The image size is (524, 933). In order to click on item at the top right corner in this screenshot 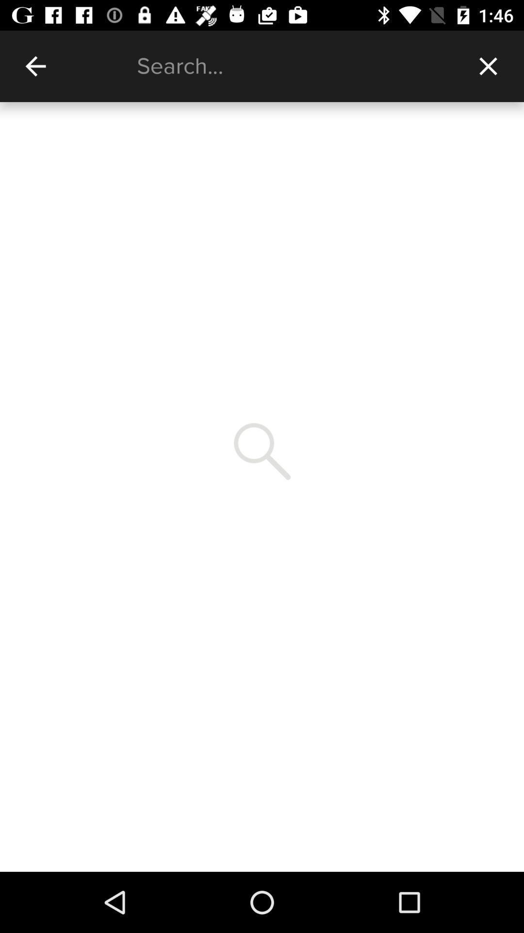, I will do `click(488, 66)`.